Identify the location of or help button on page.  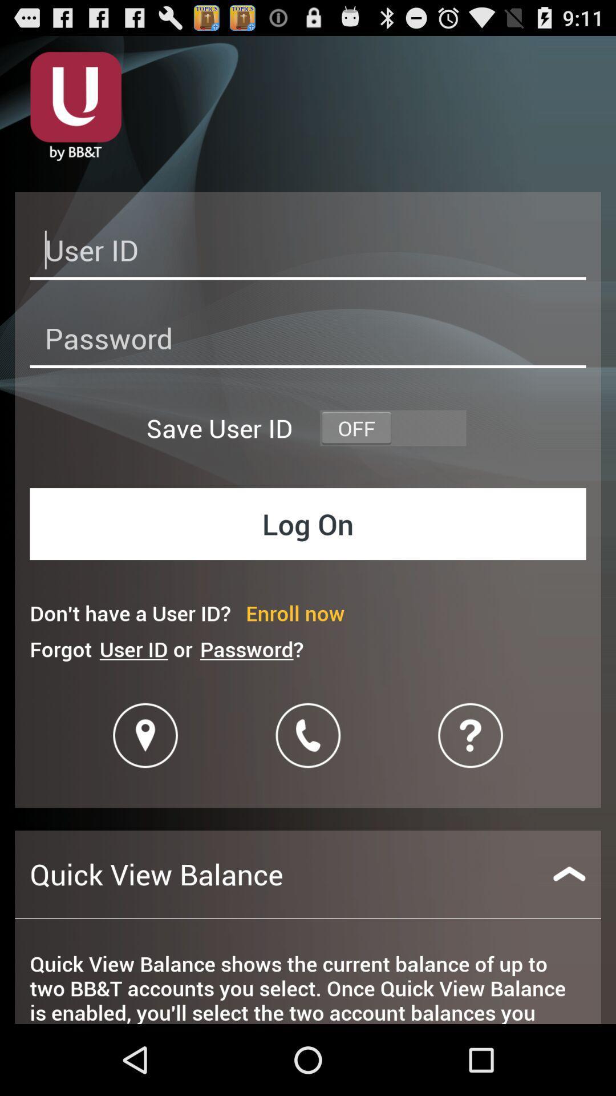
(471, 735).